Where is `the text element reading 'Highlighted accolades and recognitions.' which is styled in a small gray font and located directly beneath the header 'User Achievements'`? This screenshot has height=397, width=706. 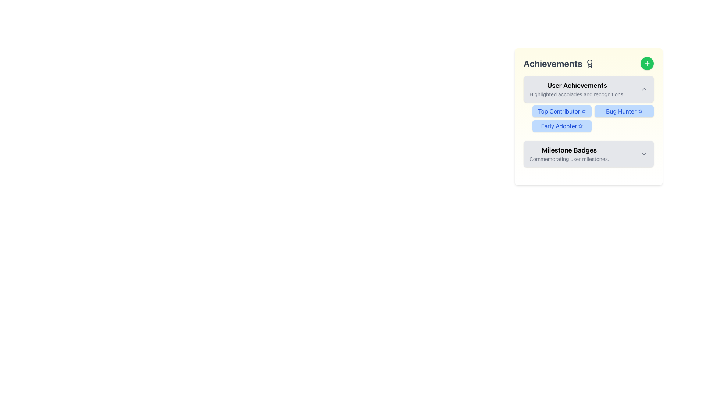 the text element reading 'Highlighted accolades and recognitions.' which is styled in a small gray font and located directly beneath the header 'User Achievements' is located at coordinates (577, 94).